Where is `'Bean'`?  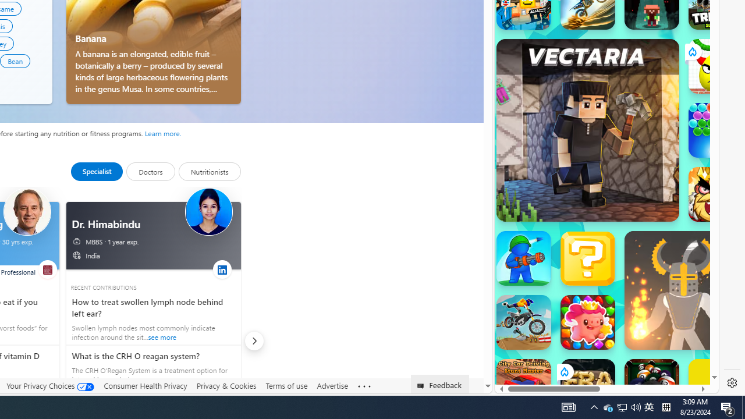
'Bean' is located at coordinates (15, 61).